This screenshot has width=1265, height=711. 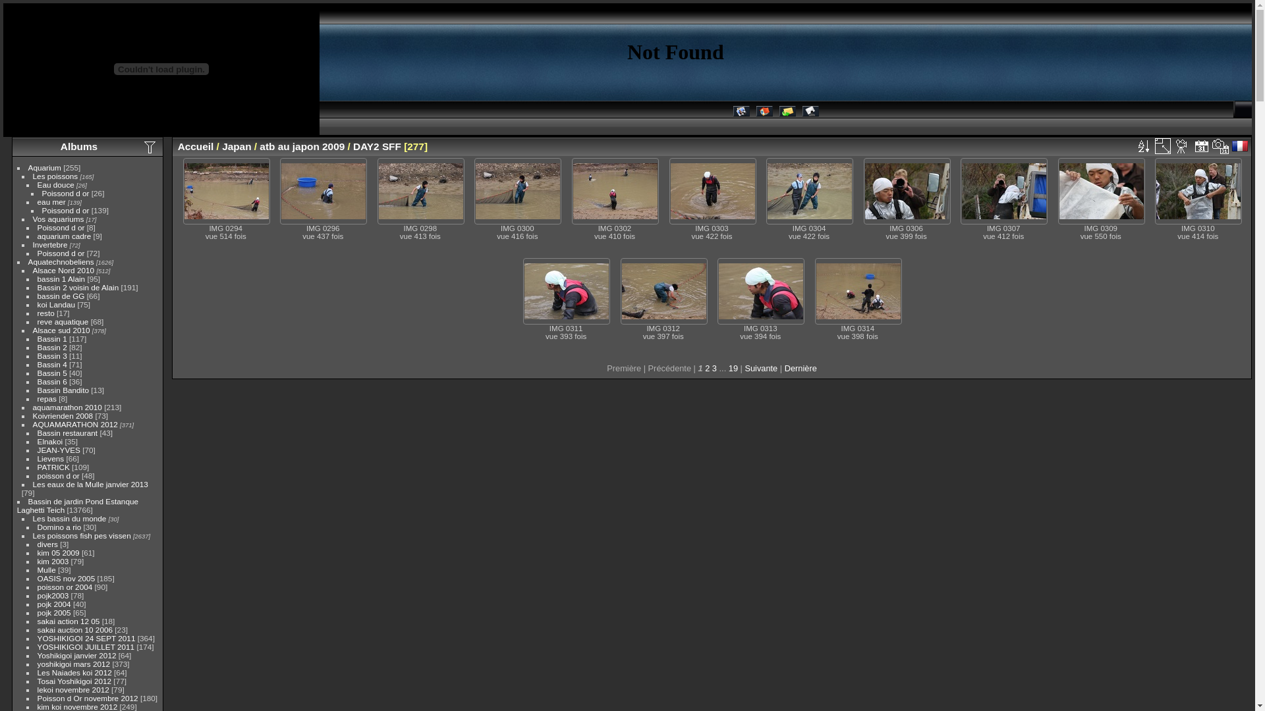 I want to click on 'Poissond d or', so click(x=60, y=253).